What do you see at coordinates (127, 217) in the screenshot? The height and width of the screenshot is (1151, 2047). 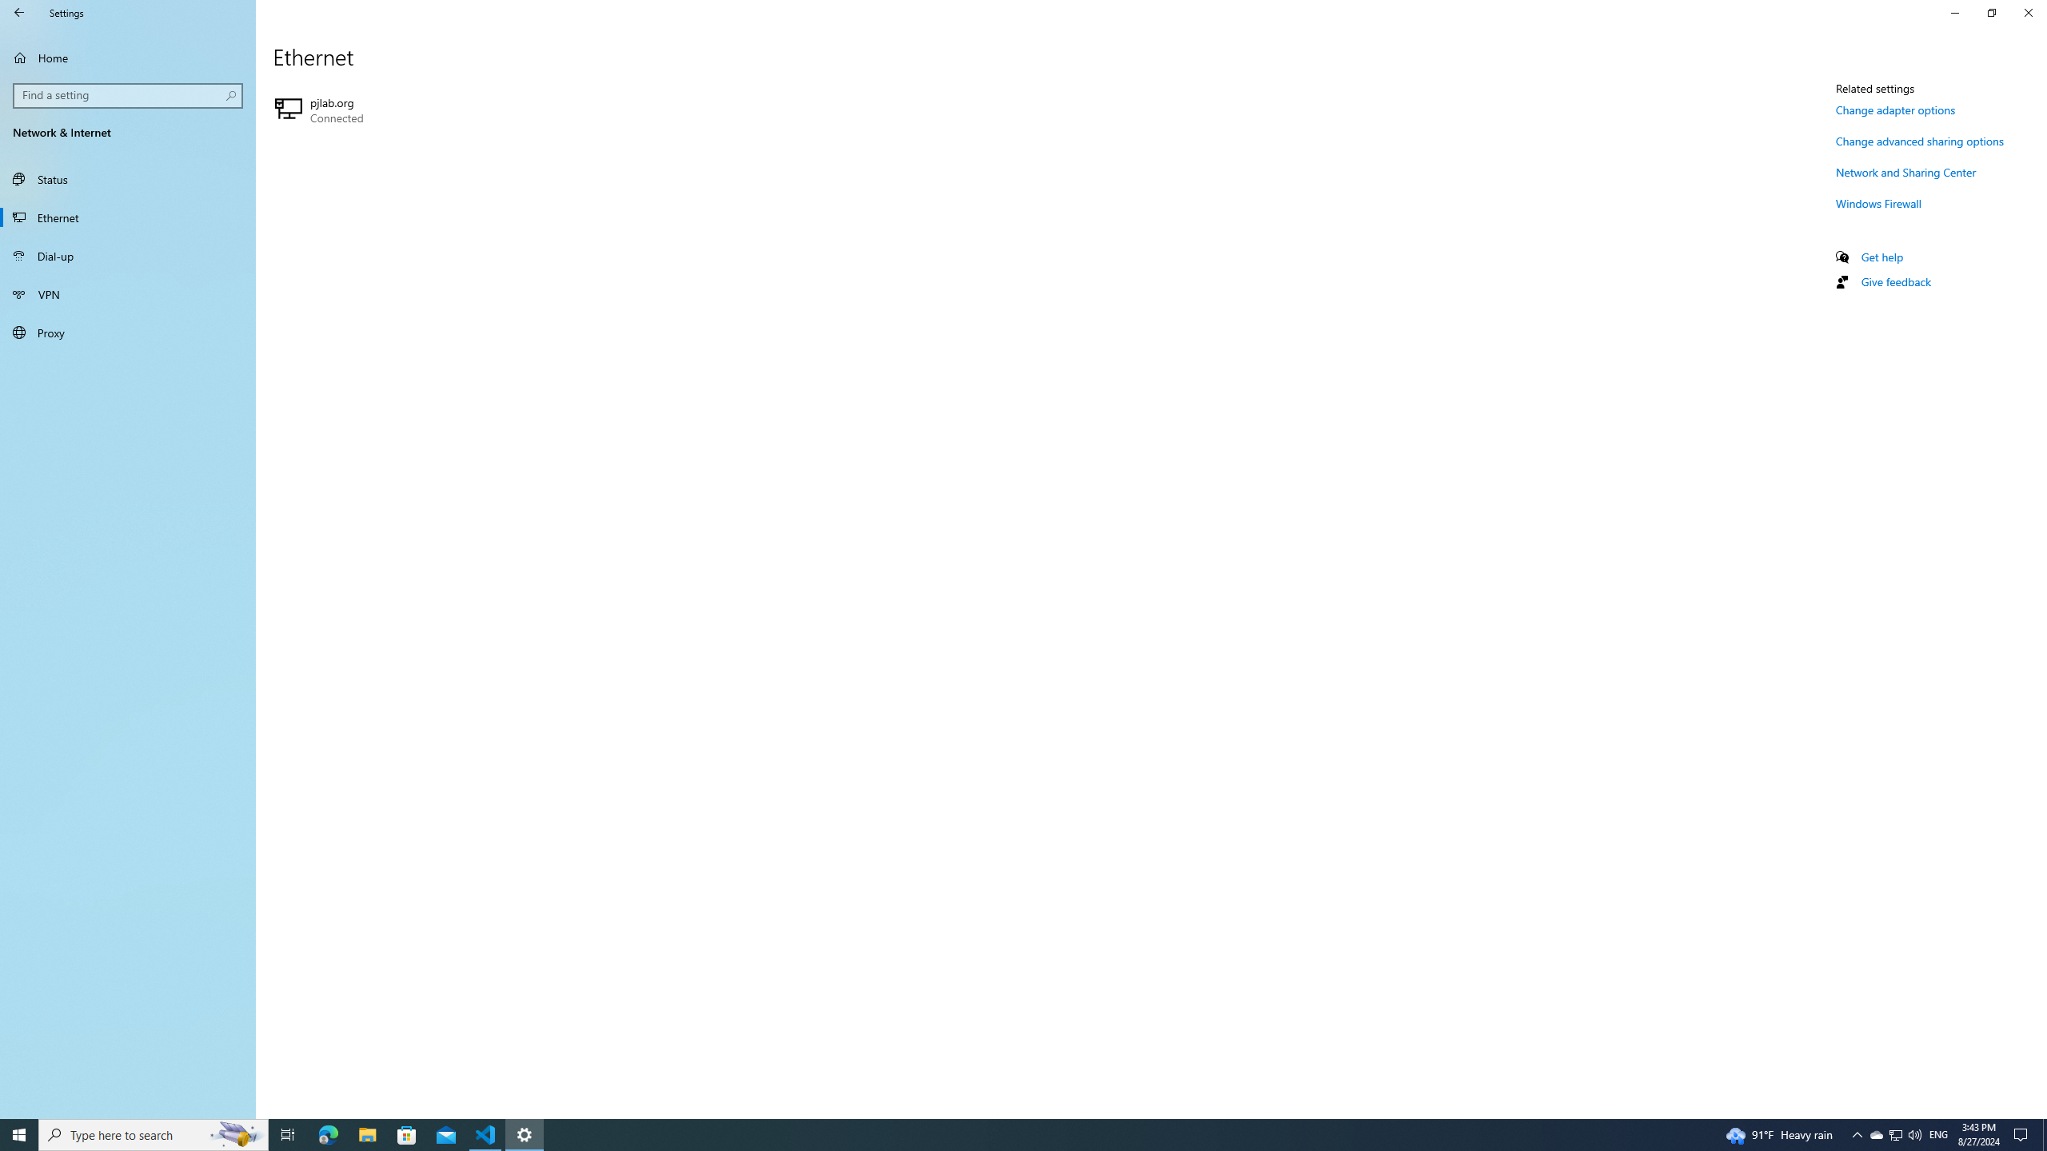 I see `'Ethernet'` at bounding box center [127, 217].